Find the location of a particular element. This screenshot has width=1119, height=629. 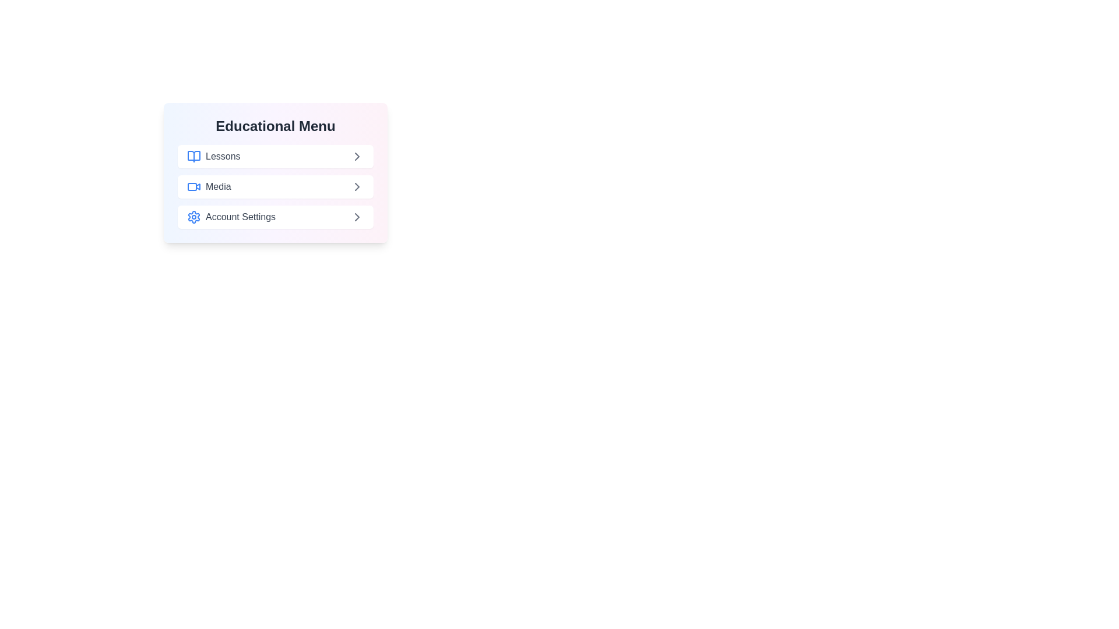

the 'Media' icon in the 'Educational Menu' which is positioned between 'Lessons' and 'Account Settings' is located at coordinates (193, 186).